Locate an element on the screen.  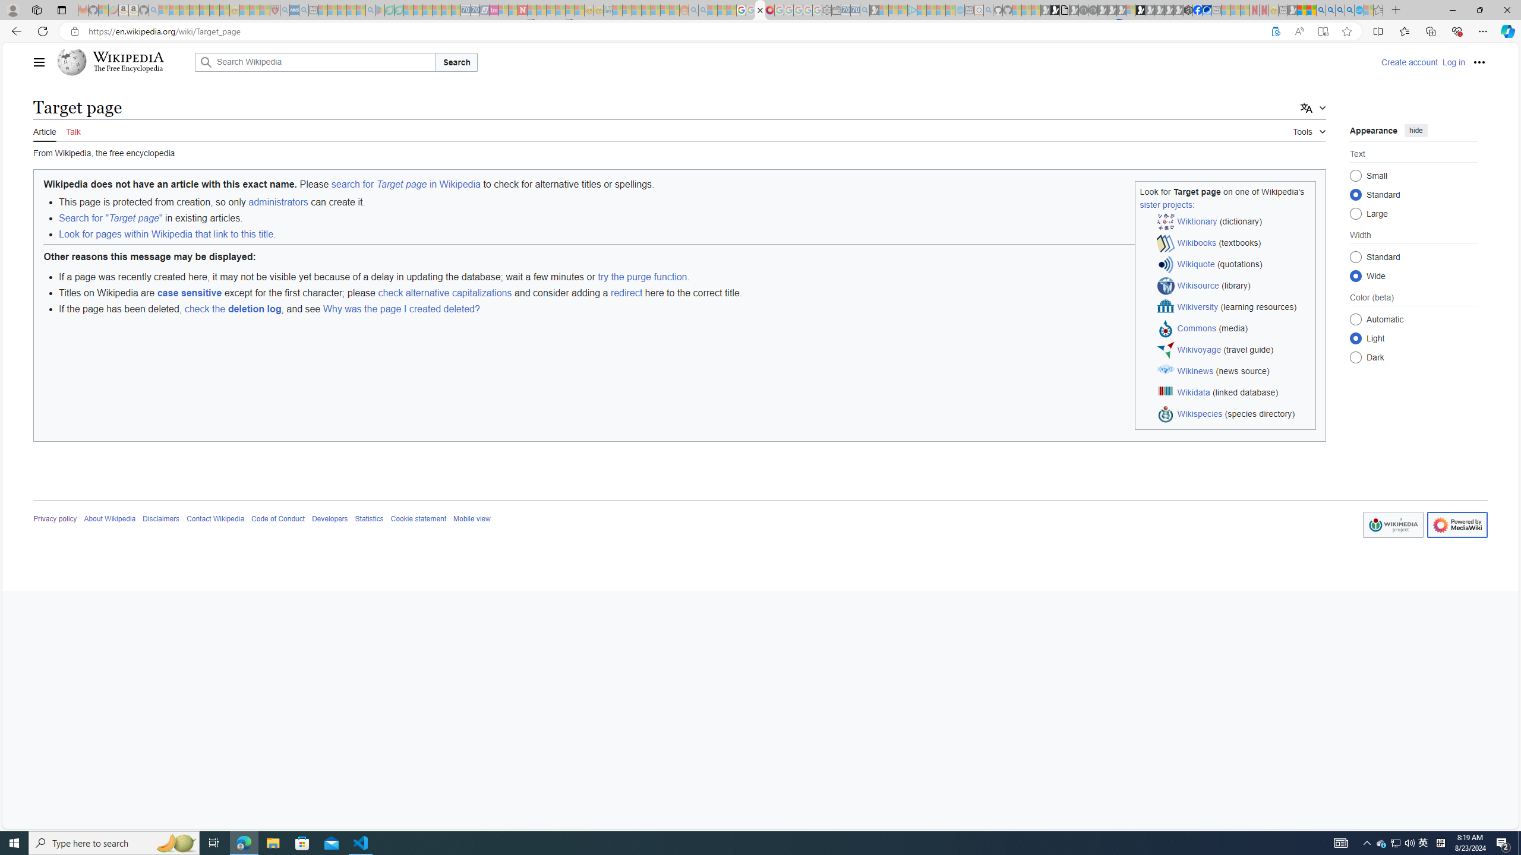
'Kinda Frugal - MSN - Sleeping' is located at coordinates (656, 9).